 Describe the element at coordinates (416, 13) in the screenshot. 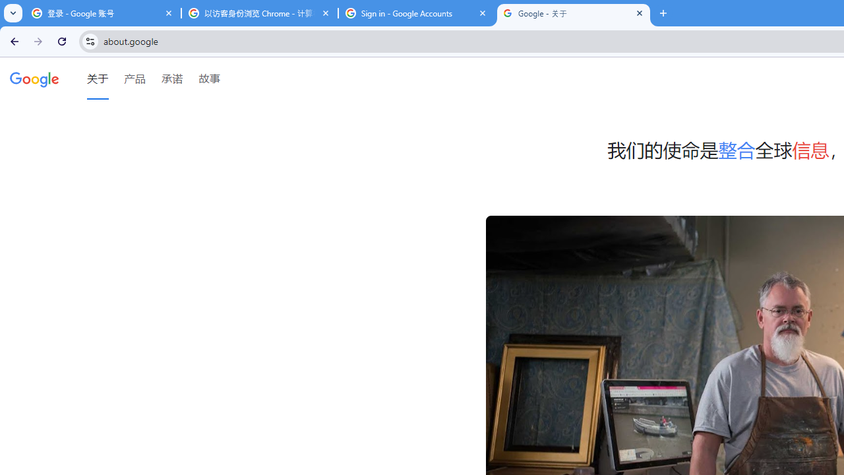

I see `'Sign in - Google Accounts'` at that location.